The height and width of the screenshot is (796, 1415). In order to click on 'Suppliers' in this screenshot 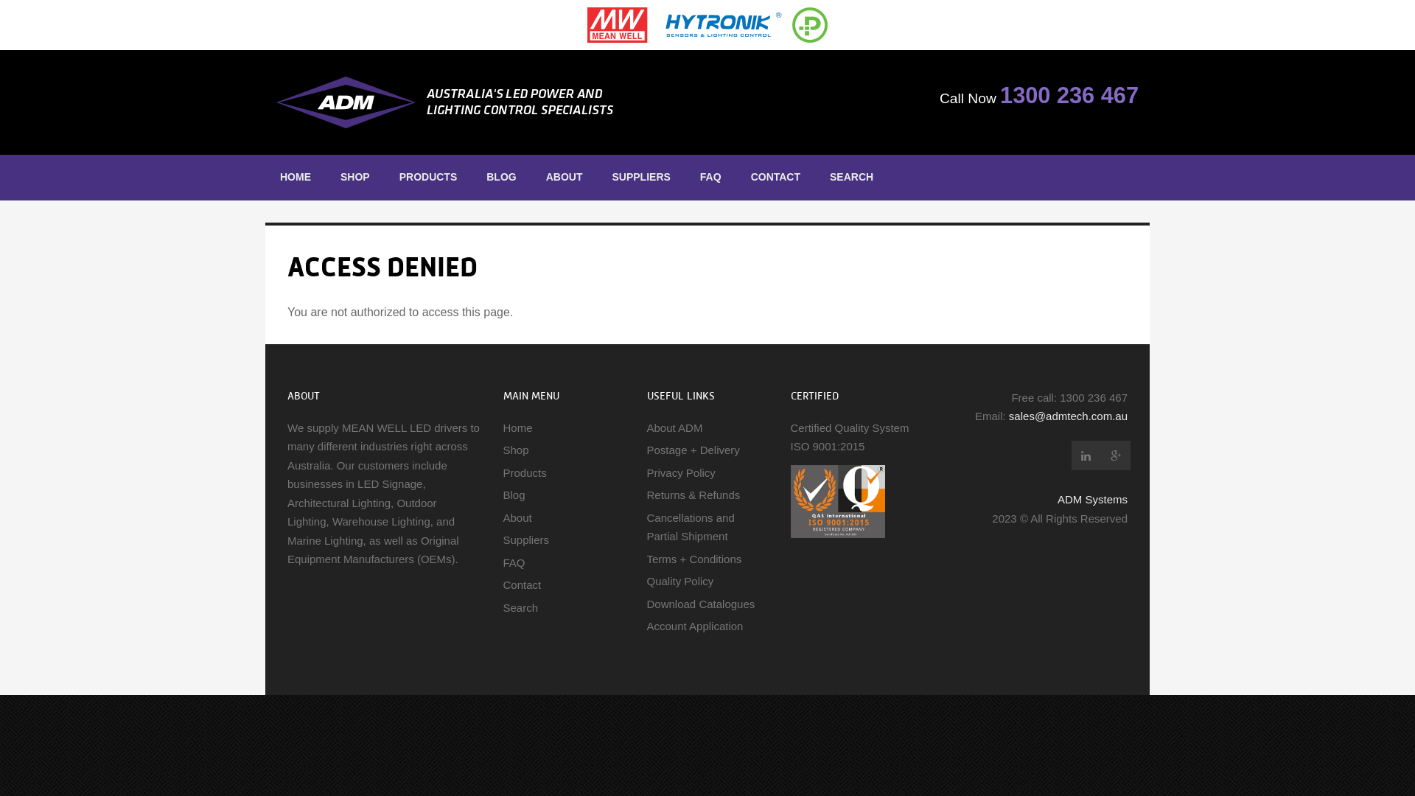, I will do `click(525, 540)`.